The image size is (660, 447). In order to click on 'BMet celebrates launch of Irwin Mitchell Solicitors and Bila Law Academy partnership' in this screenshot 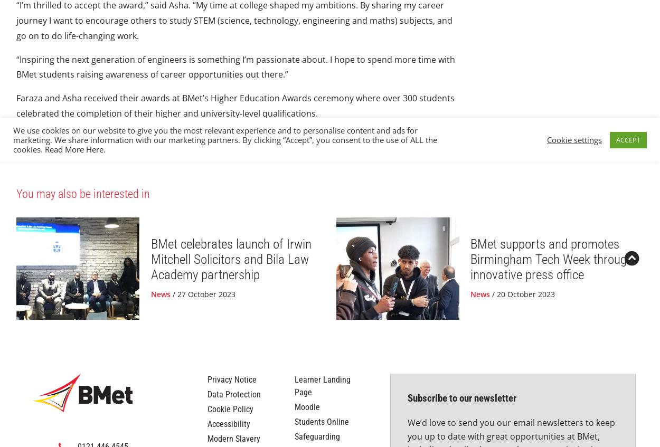, I will do `click(231, 335)`.